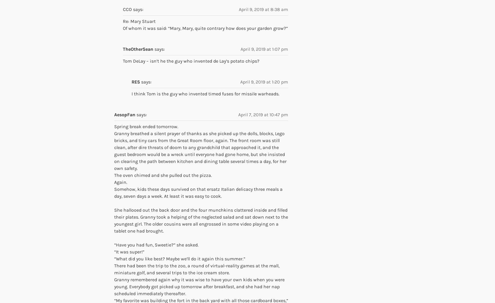 This screenshot has height=303, width=495. What do you see at coordinates (264, 81) in the screenshot?
I see `'April 9, 2019 at 1:20 pm'` at bounding box center [264, 81].